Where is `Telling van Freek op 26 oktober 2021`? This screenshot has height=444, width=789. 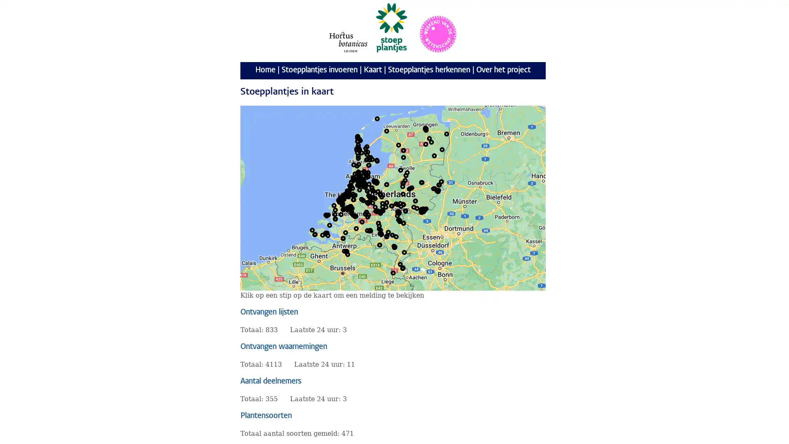 Telling van Freek op 26 oktober 2021 is located at coordinates (366, 172).